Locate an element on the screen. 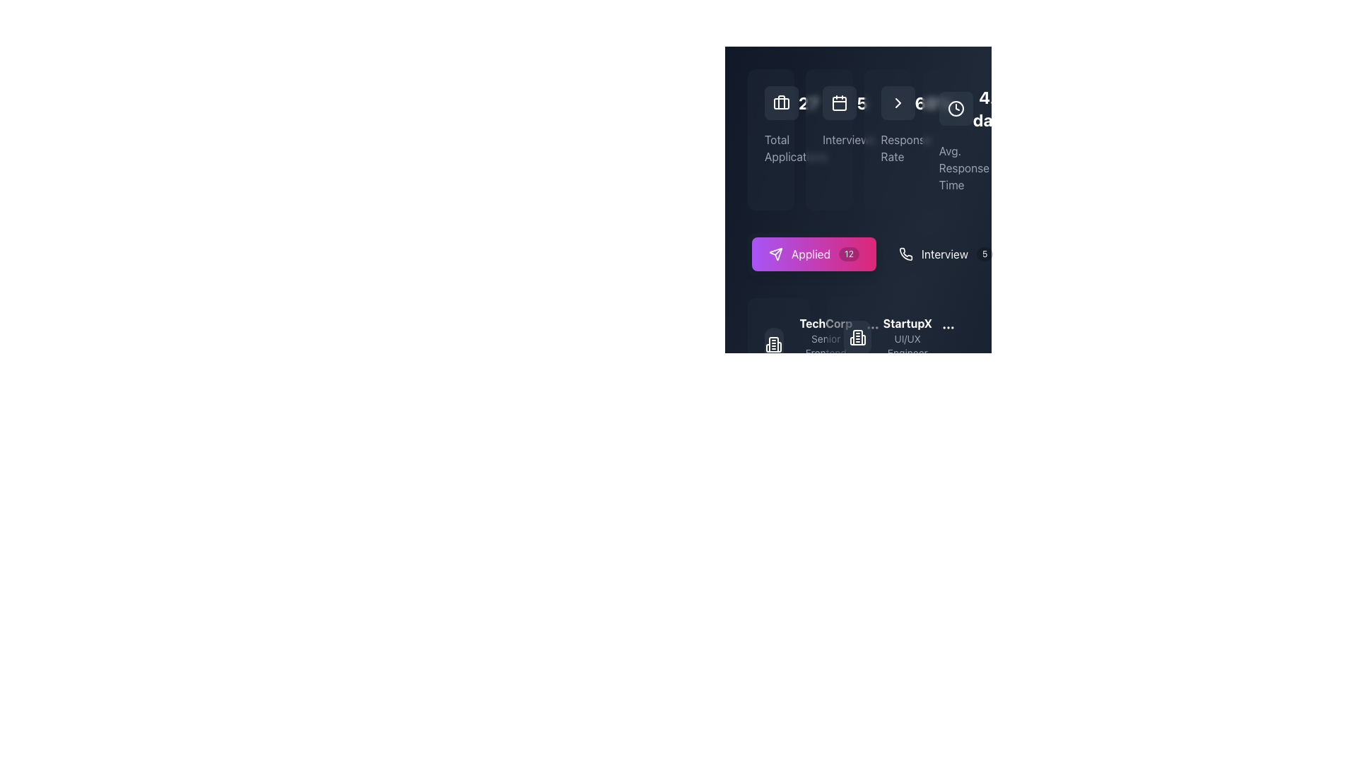 The width and height of the screenshot is (1357, 763). the job listing item that provides details about a specific job role, located in the lower right section of the interface is located at coordinates (888, 338).